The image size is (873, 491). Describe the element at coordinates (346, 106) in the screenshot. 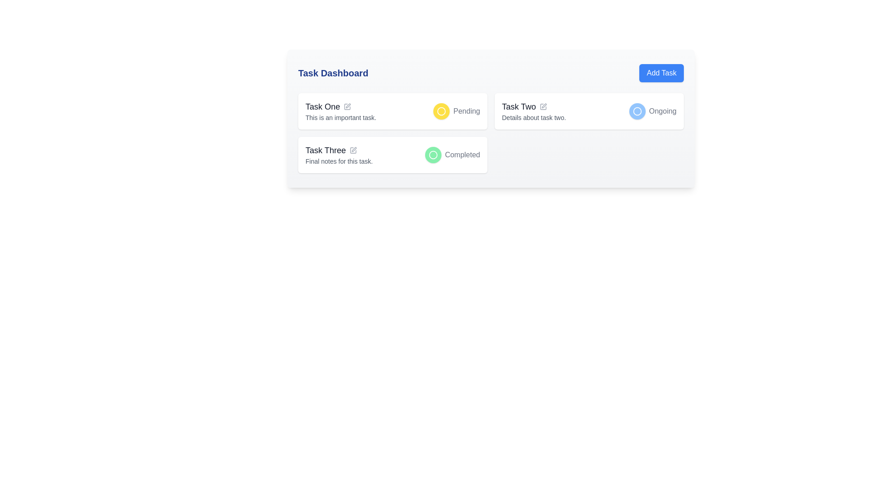

I see `the edit action icon for the 'Task One' item` at that location.